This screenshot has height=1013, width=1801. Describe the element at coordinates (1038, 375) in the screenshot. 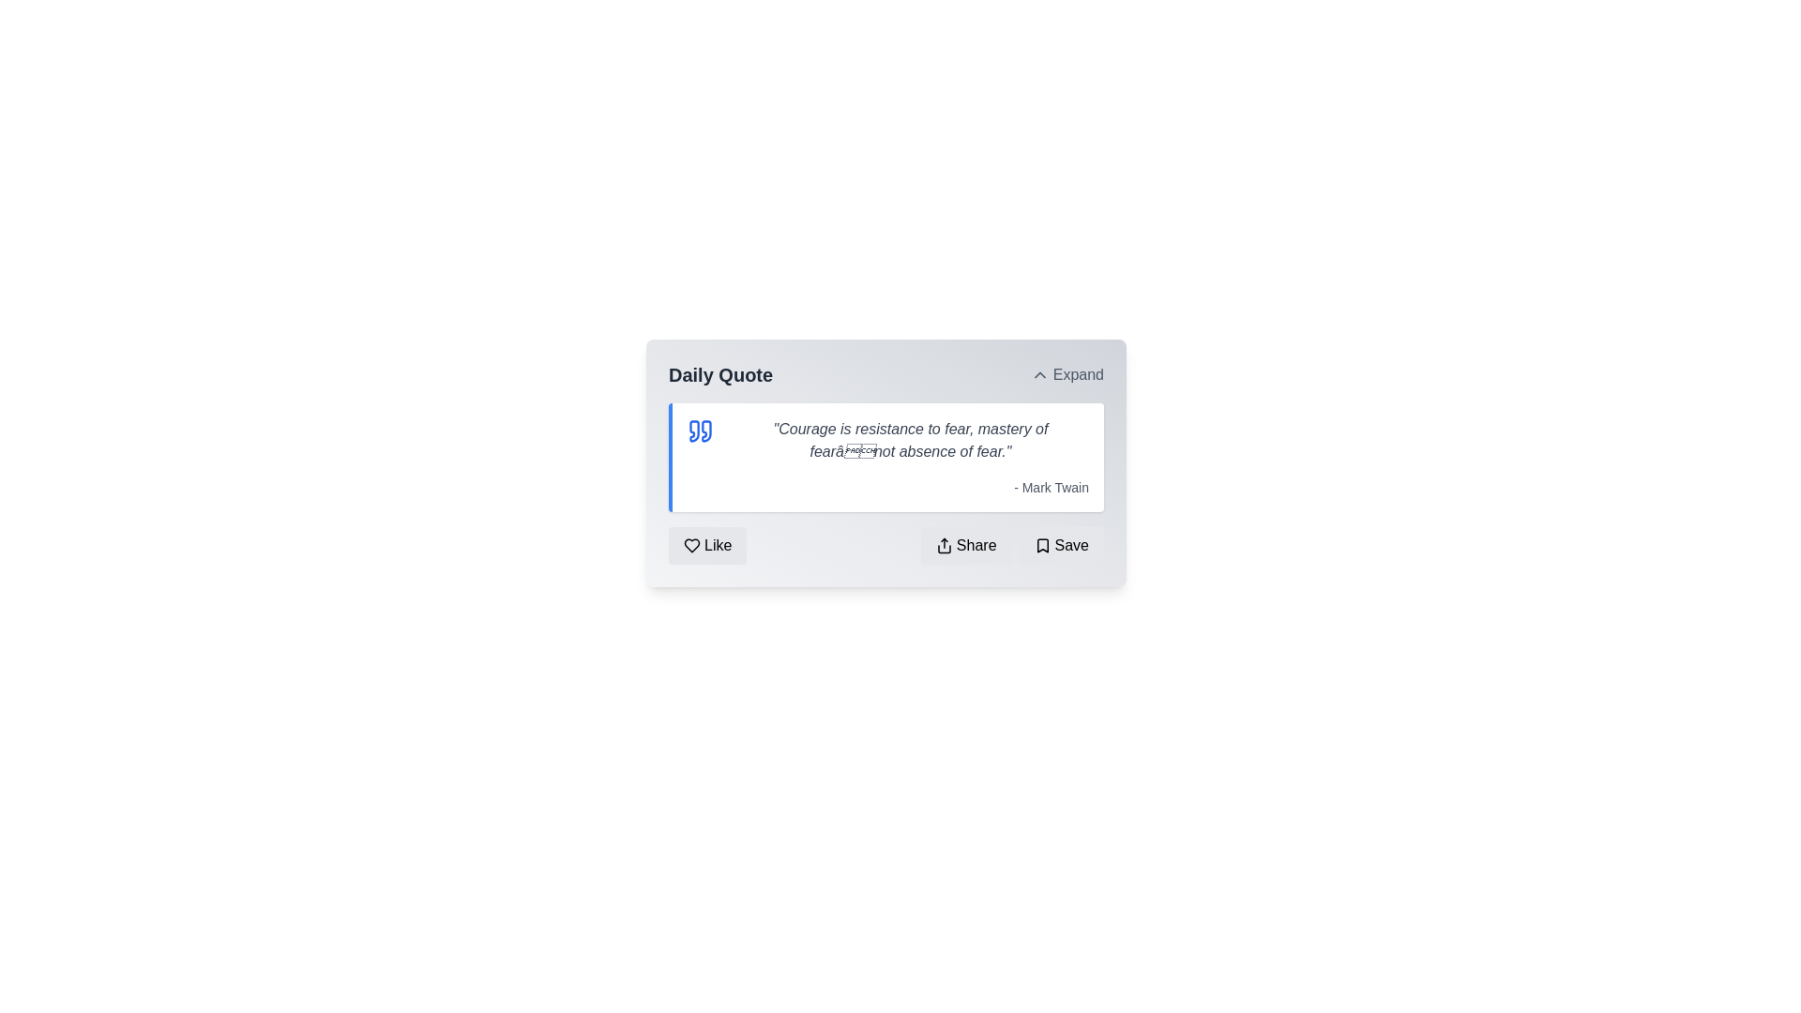

I see `the chevron icon located to the left of the 'Expand' text in the header section of the card` at that location.